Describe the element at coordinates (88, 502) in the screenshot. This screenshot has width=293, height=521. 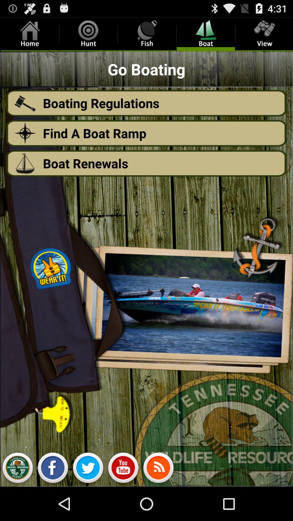
I see `the twitter icon` at that location.